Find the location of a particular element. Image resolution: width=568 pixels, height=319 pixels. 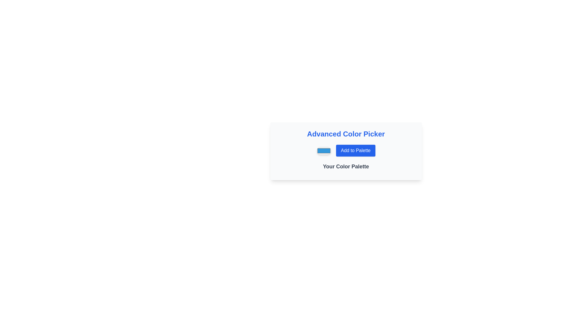

the 'Add to Palette' button, which is a rectangular button with a rounded outline styled in blue, positioned below the 'Advanced Color Picker' heading is located at coordinates (355, 150).